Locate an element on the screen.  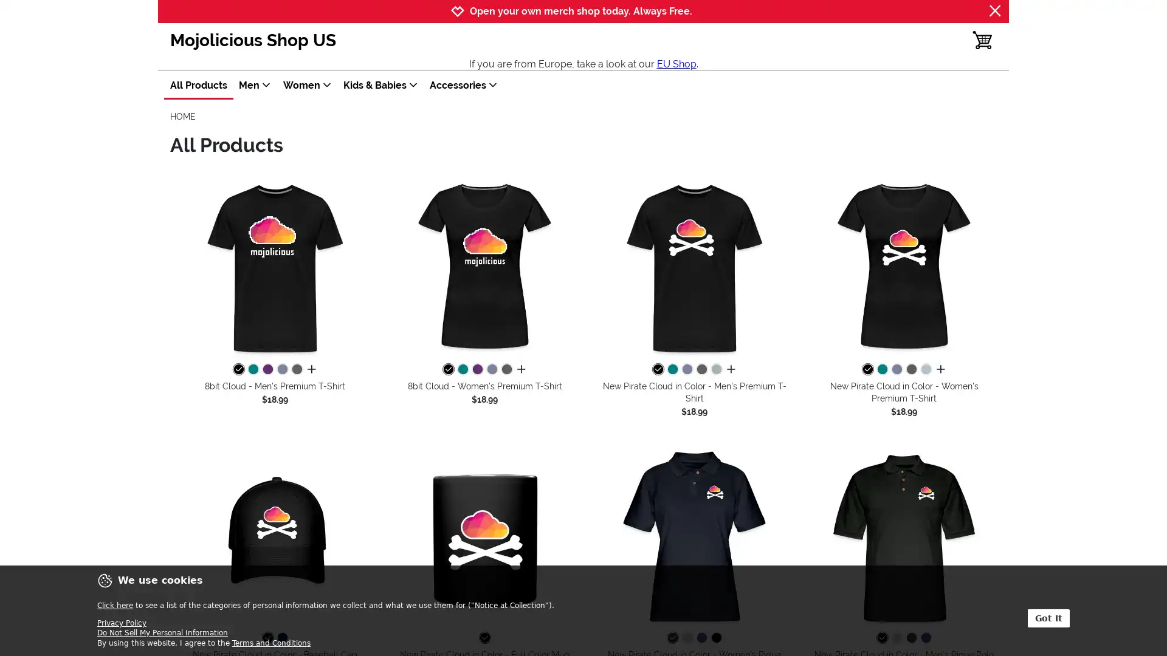
New Pirate Cloud in Color - Full Color Mug is located at coordinates (484, 535).